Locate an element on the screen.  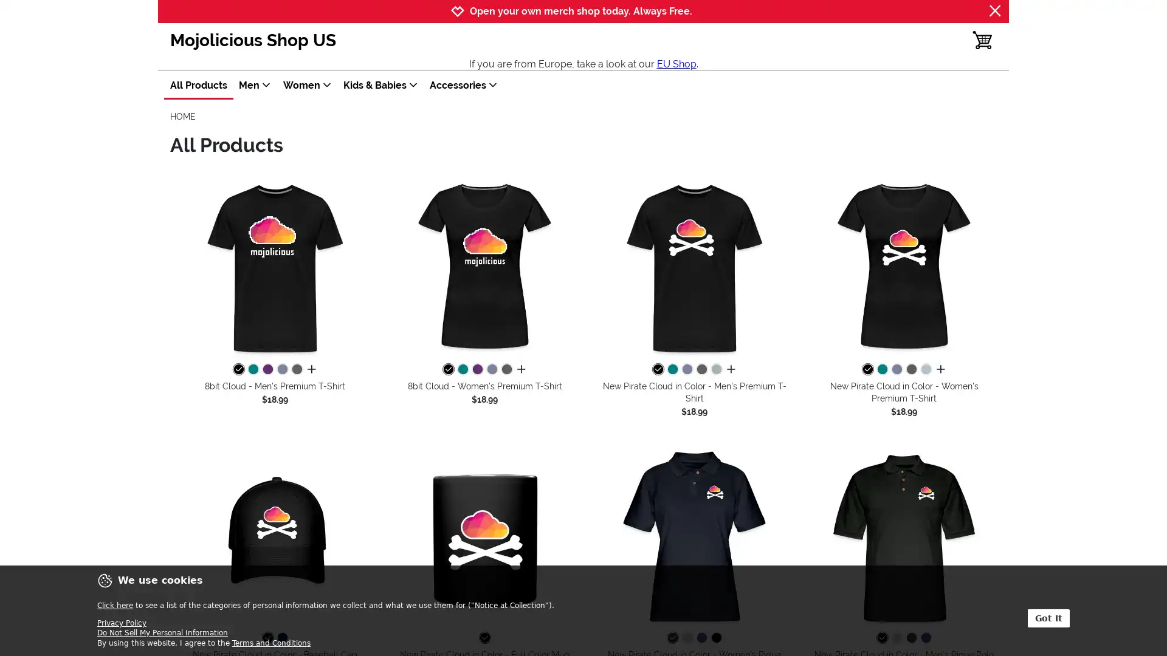
New Pirate Cloud in Color - Full Color Mug is located at coordinates (484, 535).